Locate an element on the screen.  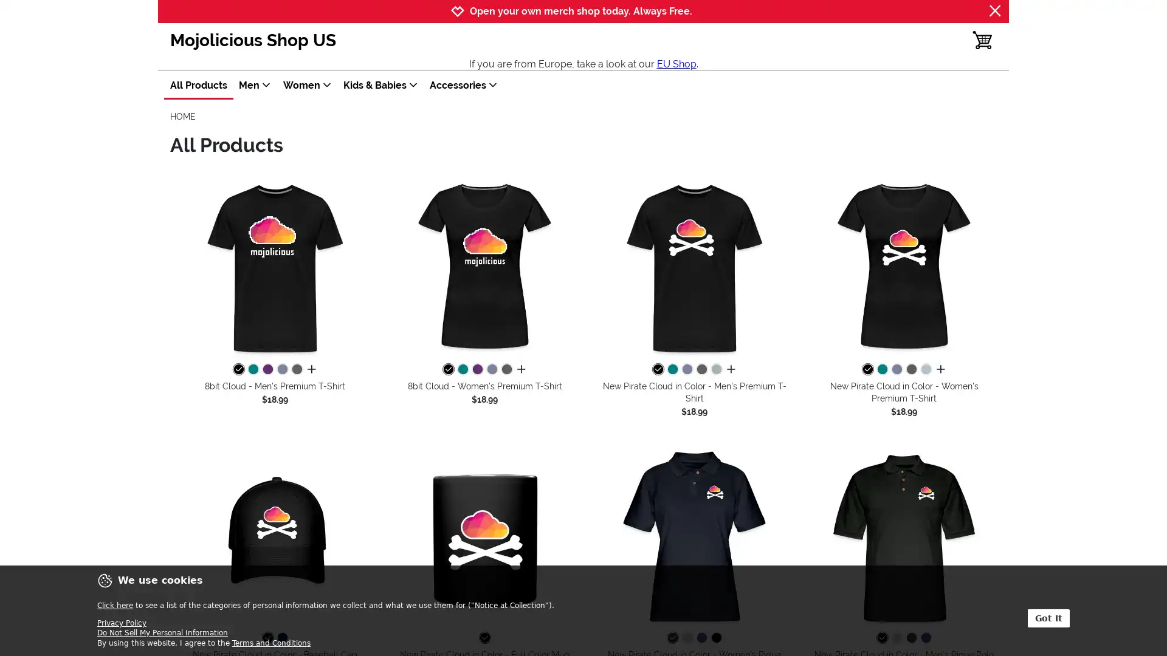
New Pirate Cloud in Color - Full Color Mug is located at coordinates (484, 535).